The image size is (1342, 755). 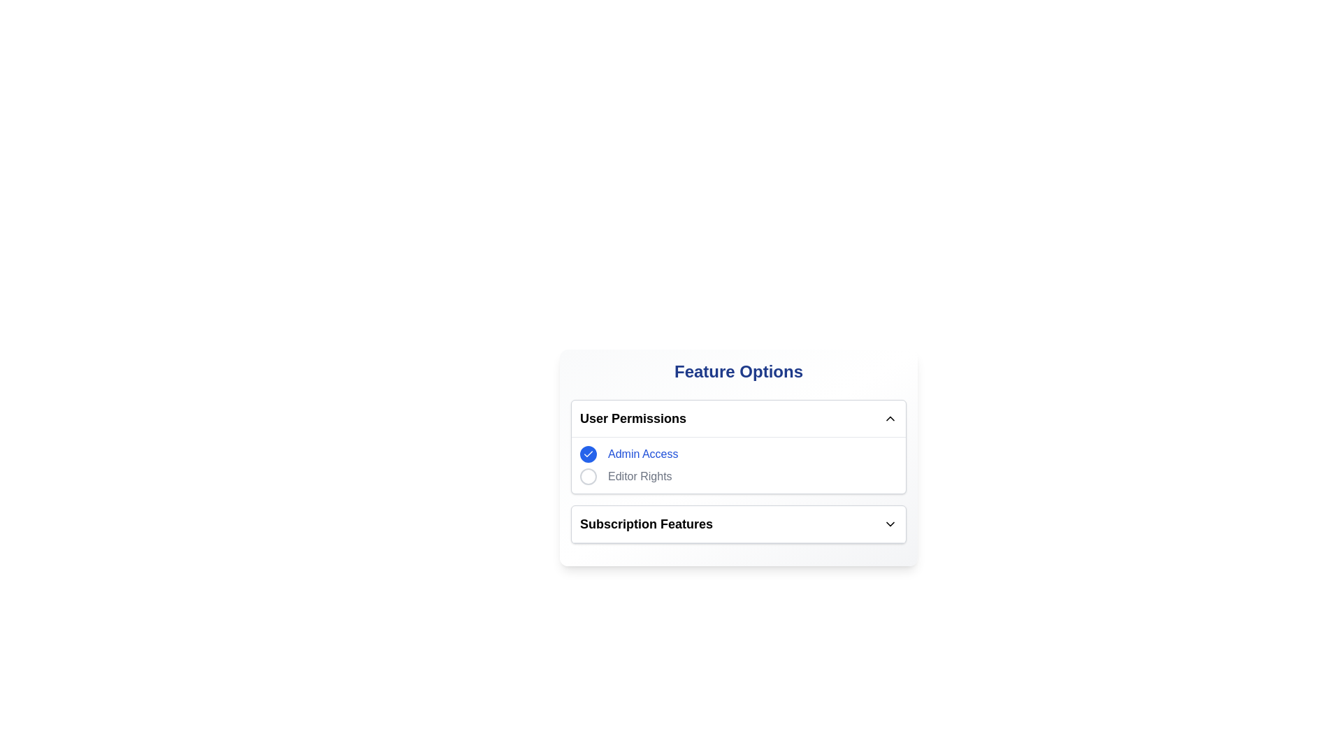 What do you see at coordinates (639, 476) in the screenshot?
I see `the 'Editor Rights' text label located in the 'User Permissions' section, which is styled in gray and positioned to the right of a circular button` at bounding box center [639, 476].